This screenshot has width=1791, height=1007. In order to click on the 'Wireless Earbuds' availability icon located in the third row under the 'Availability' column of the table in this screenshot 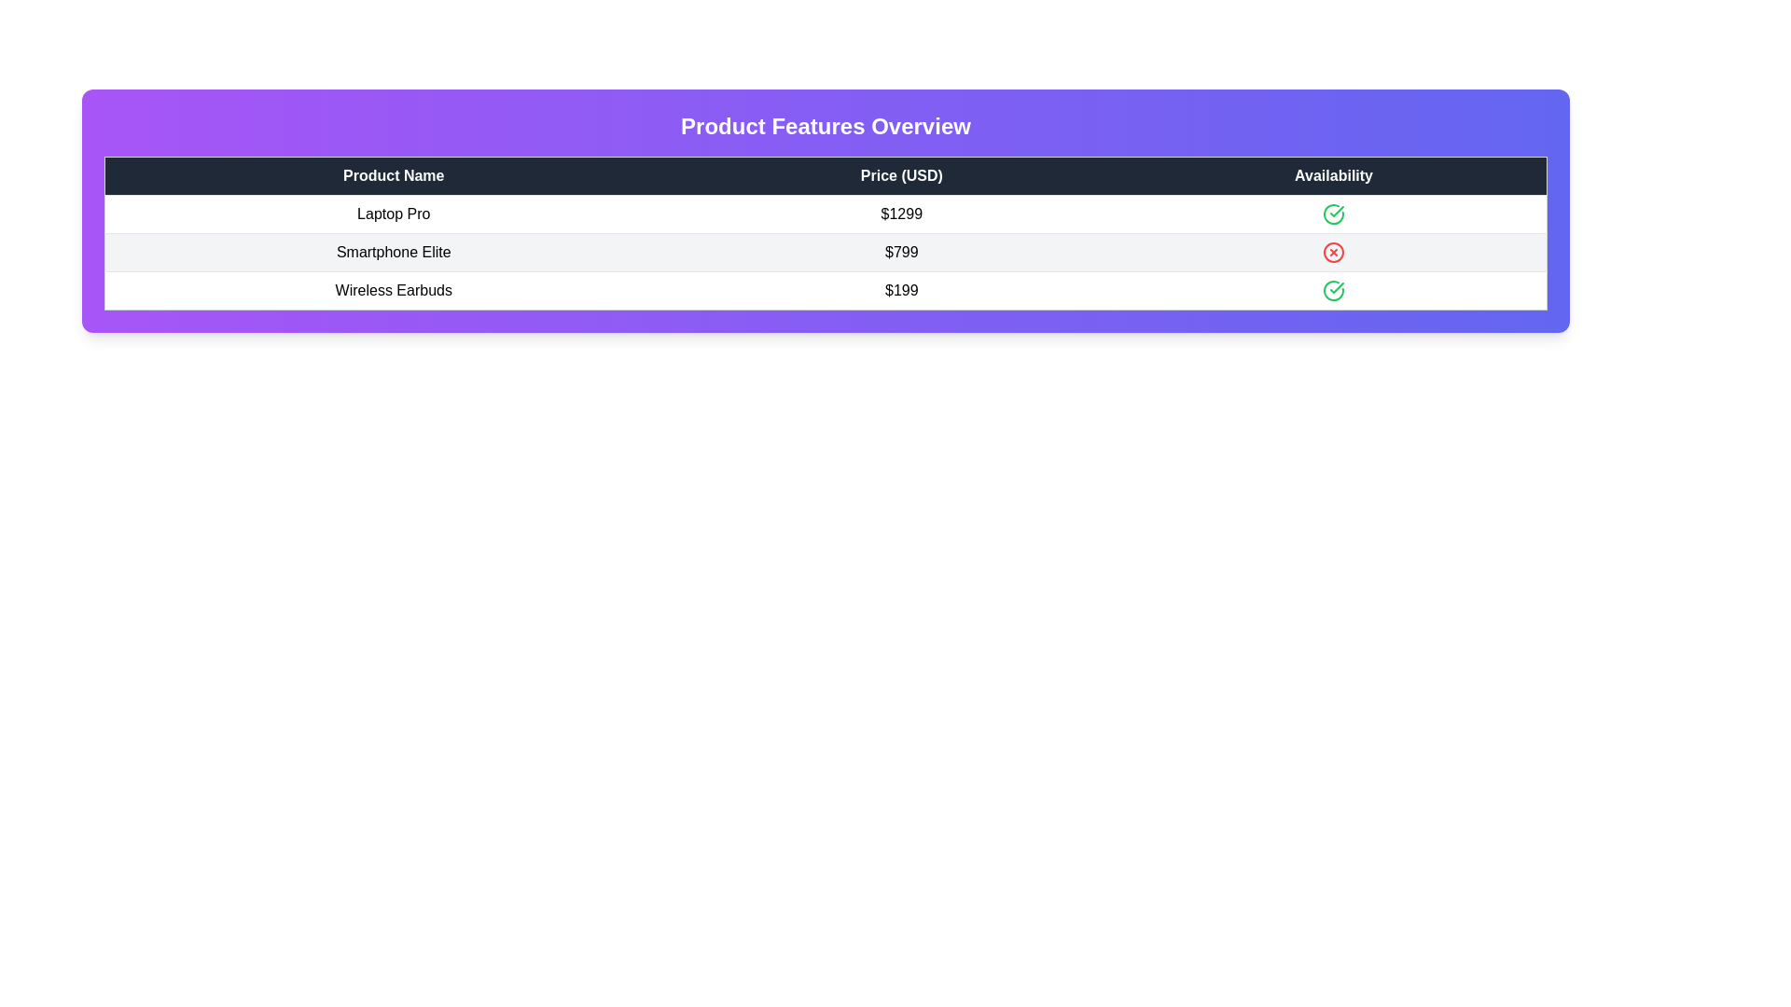, I will do `click(1333, 291)`.